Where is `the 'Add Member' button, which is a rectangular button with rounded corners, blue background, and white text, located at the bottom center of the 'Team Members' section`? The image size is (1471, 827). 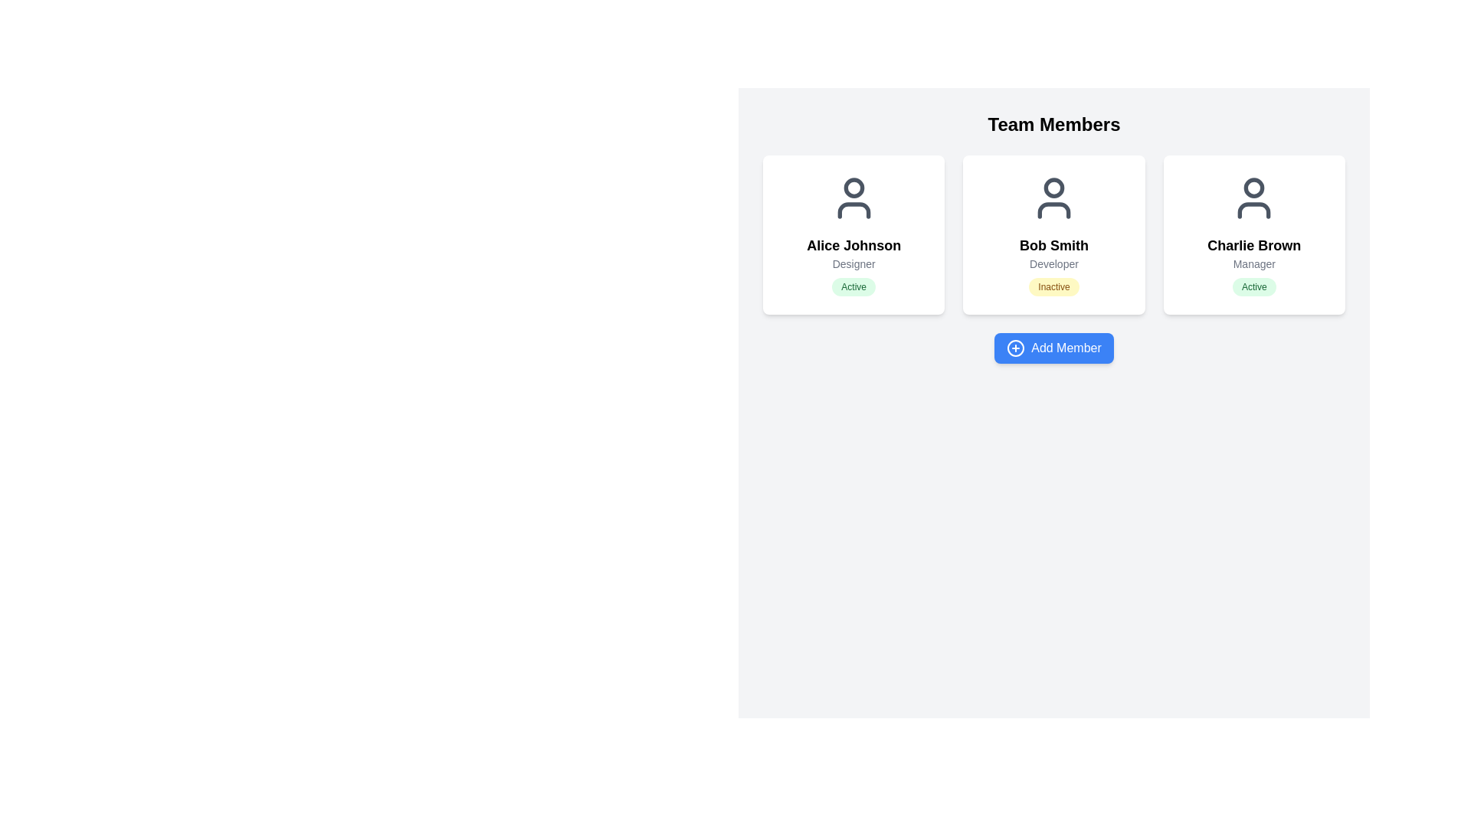 the 'Add Member' button, which is a rectangular button with rounded corners, blue background, and white text, located at the bottom center of the 'Team Members' section is located at coordinates (1053, 348).